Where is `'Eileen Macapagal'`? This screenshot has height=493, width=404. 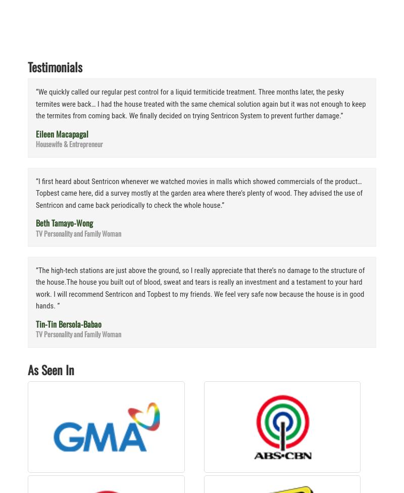 'Eileen Macapagal' is located at coordinates (61, 133).